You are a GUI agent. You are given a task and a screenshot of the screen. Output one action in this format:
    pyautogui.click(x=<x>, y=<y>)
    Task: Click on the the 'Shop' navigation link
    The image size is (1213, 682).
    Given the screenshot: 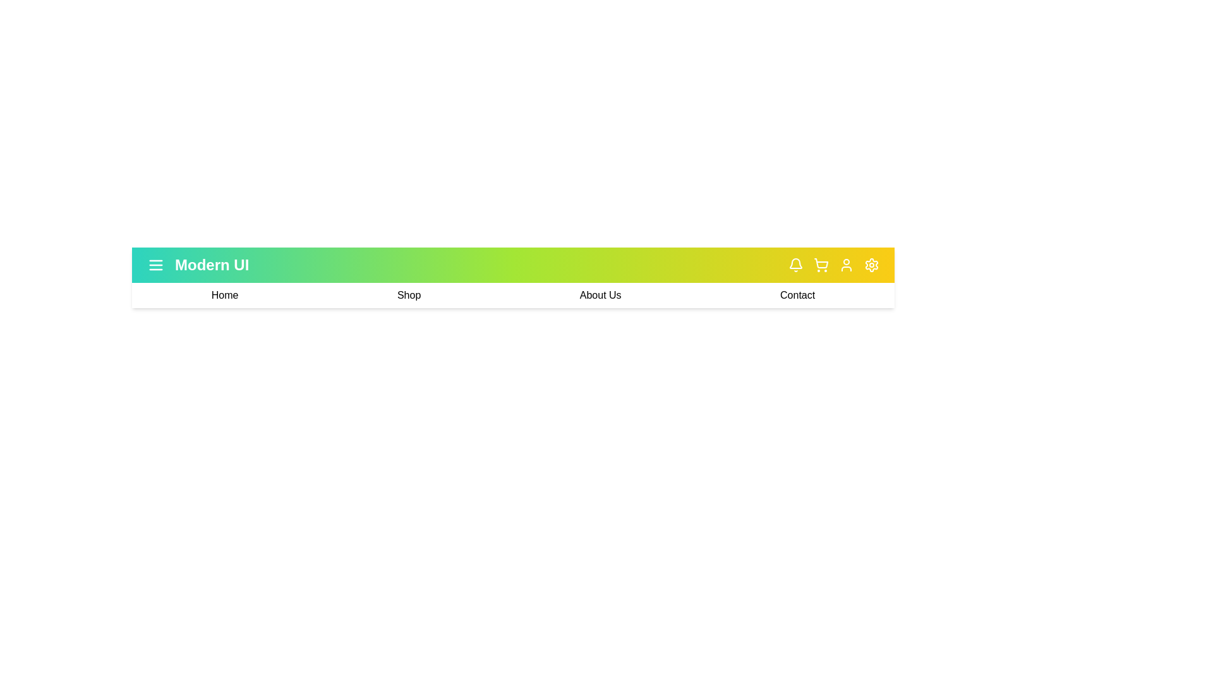 What is the action you would take?
    pyautogui.click(x=409, y=295)
    